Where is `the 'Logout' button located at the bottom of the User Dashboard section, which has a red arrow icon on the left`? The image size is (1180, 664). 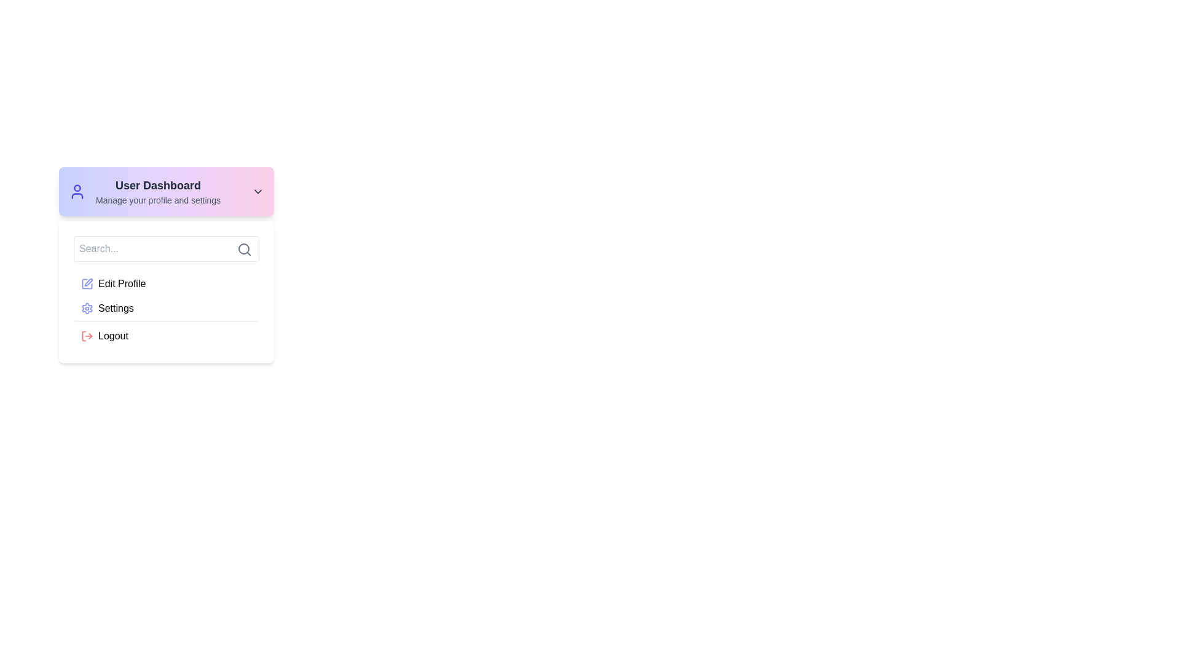 the 'Logout' button located at the bottom of the User Dashboard section, which has a red arrow icon on the left is located at coordinates (165, 334).